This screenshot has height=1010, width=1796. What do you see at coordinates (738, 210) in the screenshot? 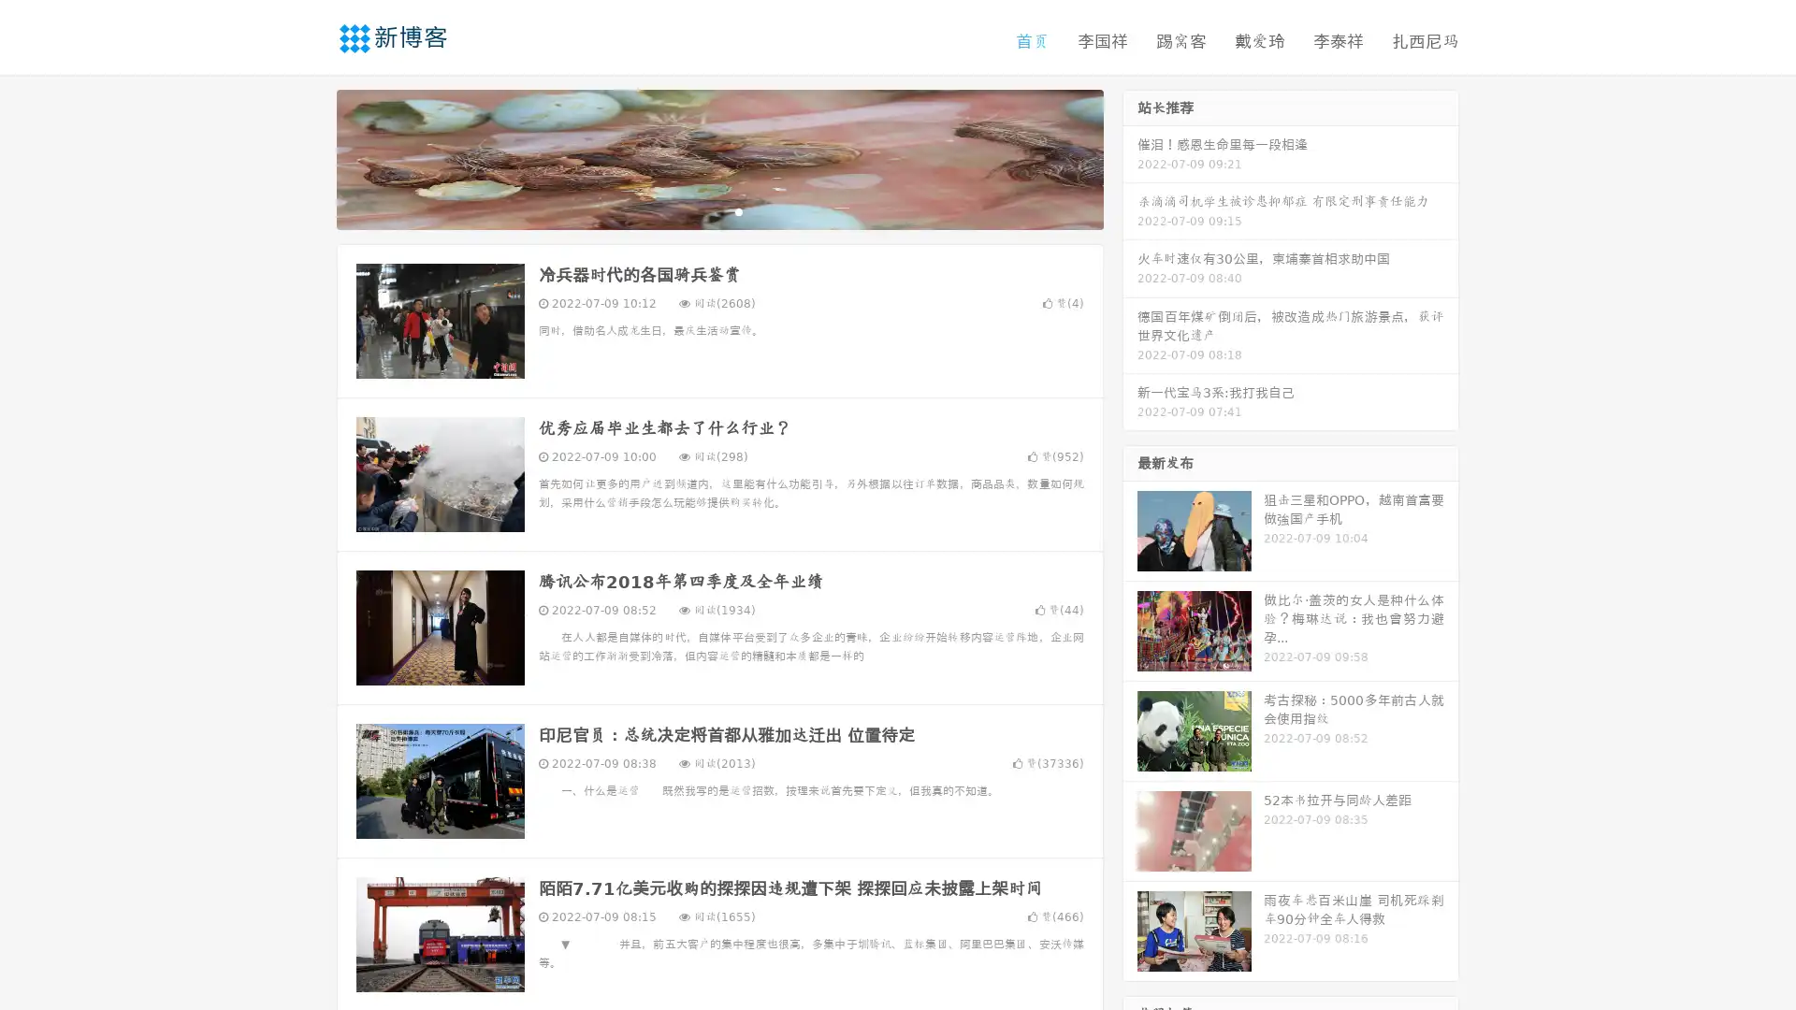
I see `Go to slide 3` at bounding box center [738, 210].